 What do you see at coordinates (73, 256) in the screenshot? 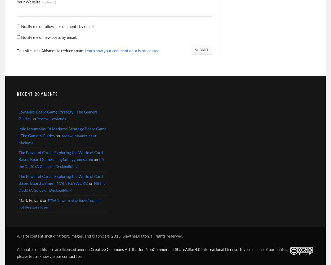
I see `'contact form'` at bounding box center [73, 256].